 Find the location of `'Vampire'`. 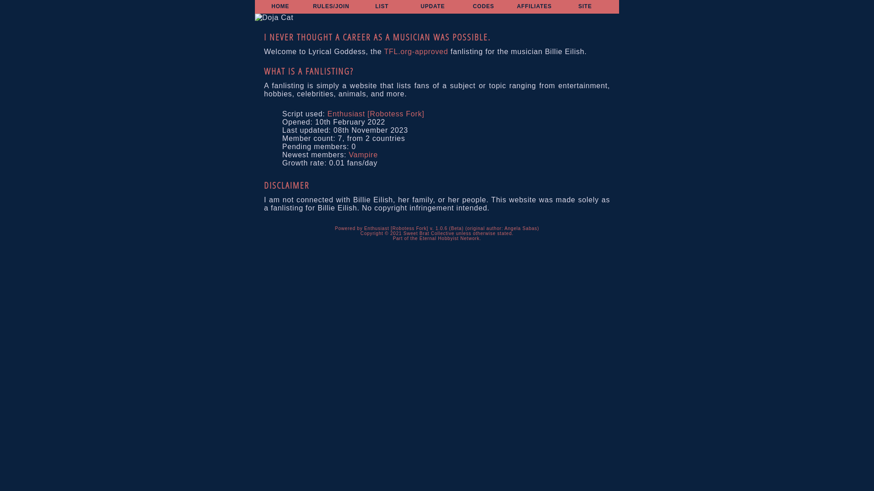

'Vampire' is located at coordinates (362, 154).